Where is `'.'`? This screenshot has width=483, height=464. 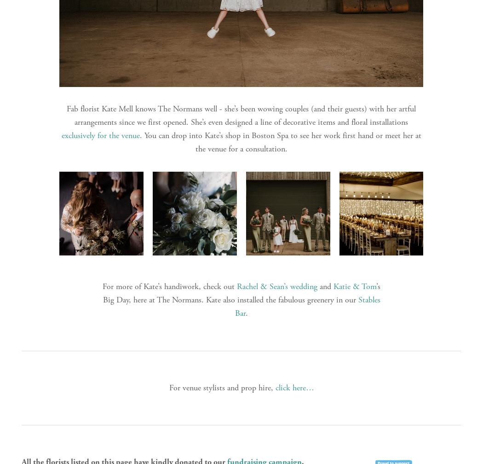
'.' is located at coordinates (247, 313).